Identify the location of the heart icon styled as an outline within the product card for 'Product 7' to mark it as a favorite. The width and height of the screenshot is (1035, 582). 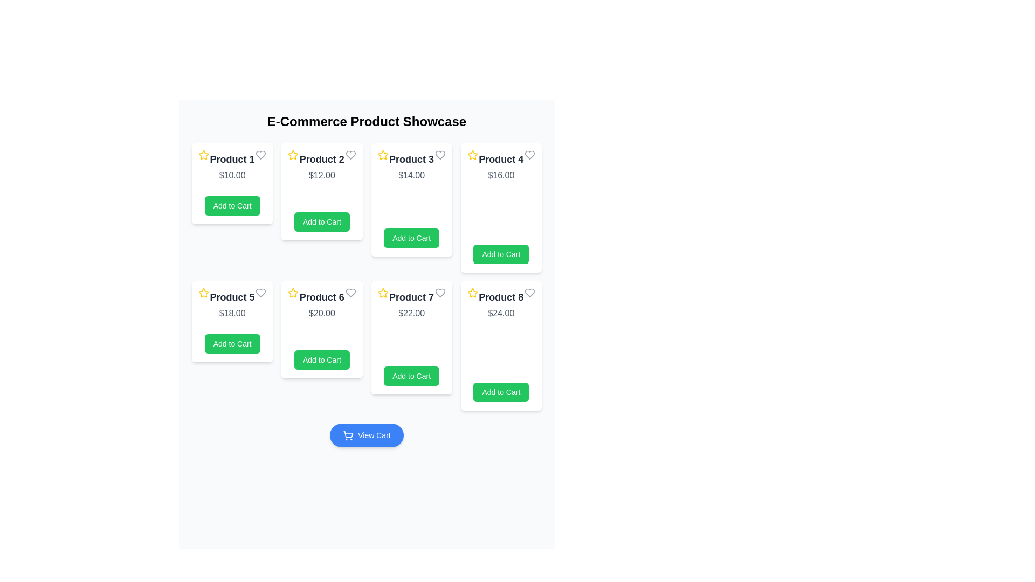
(440, 293).